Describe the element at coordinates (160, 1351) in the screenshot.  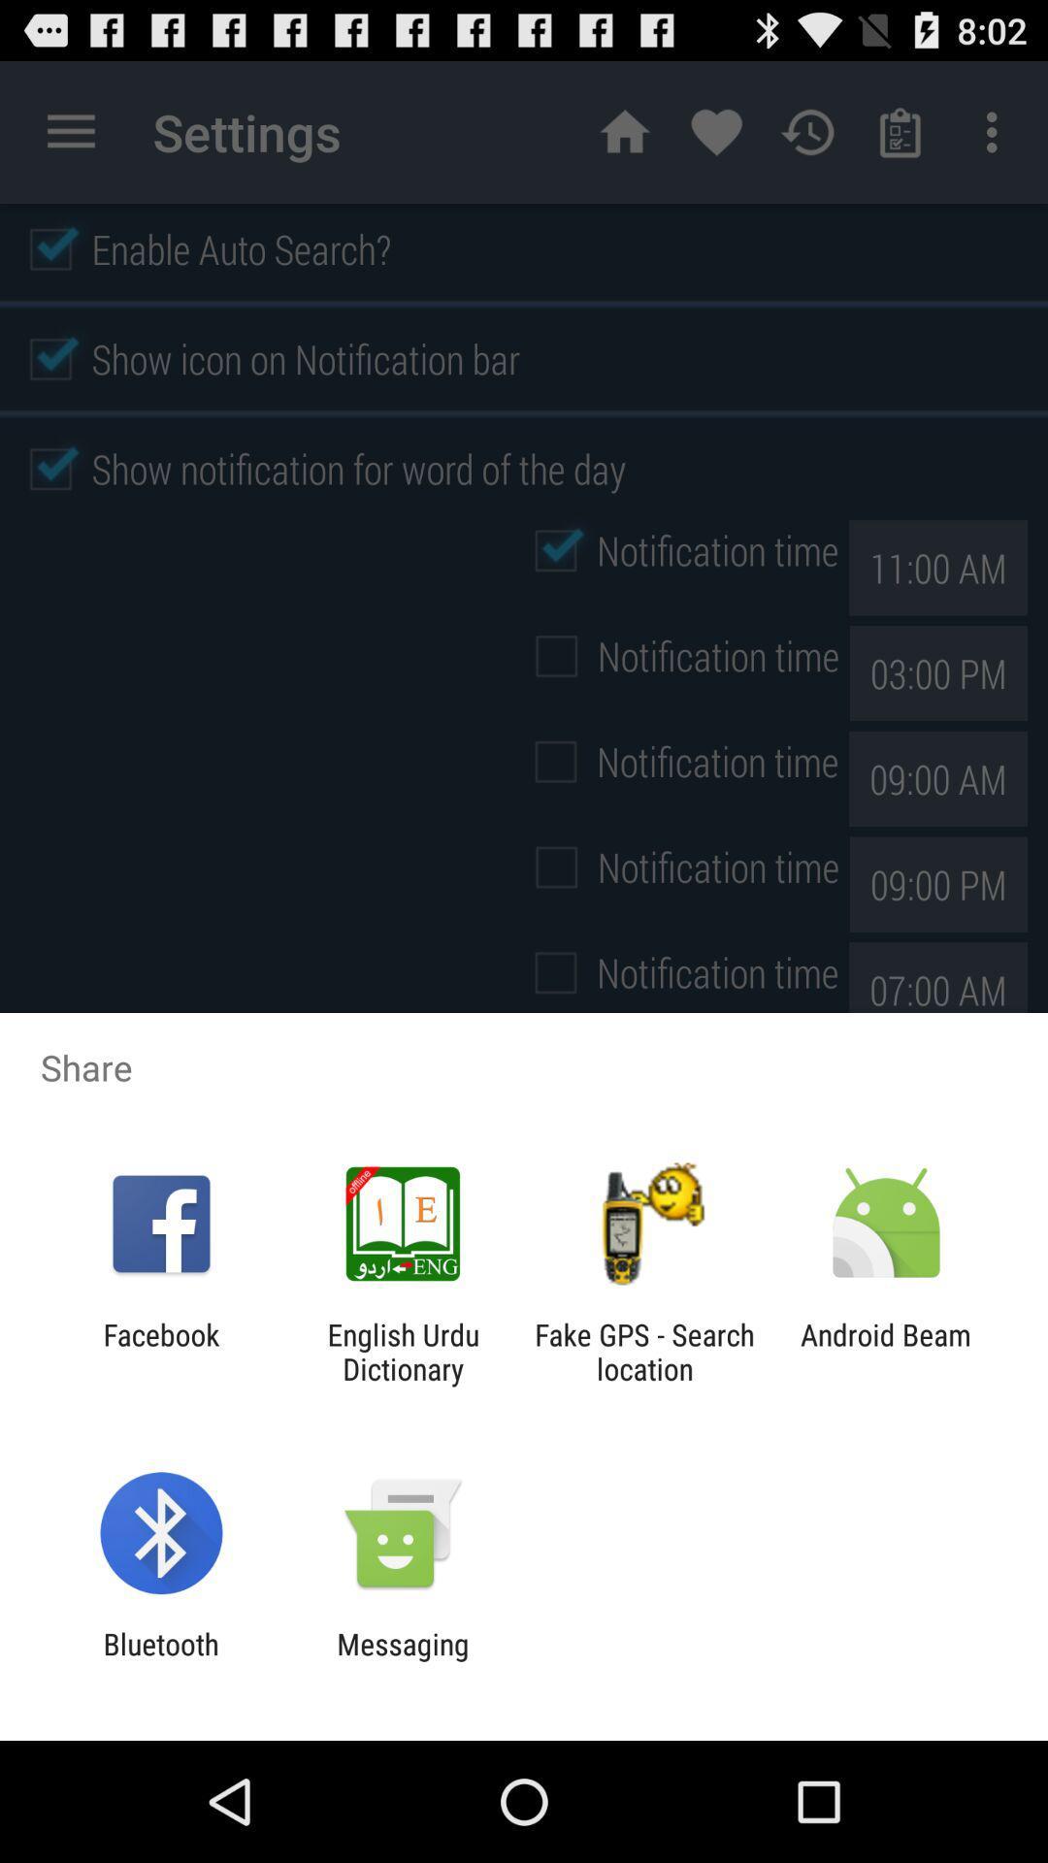
I see `the item next to english urdu dictionary app` at that location.